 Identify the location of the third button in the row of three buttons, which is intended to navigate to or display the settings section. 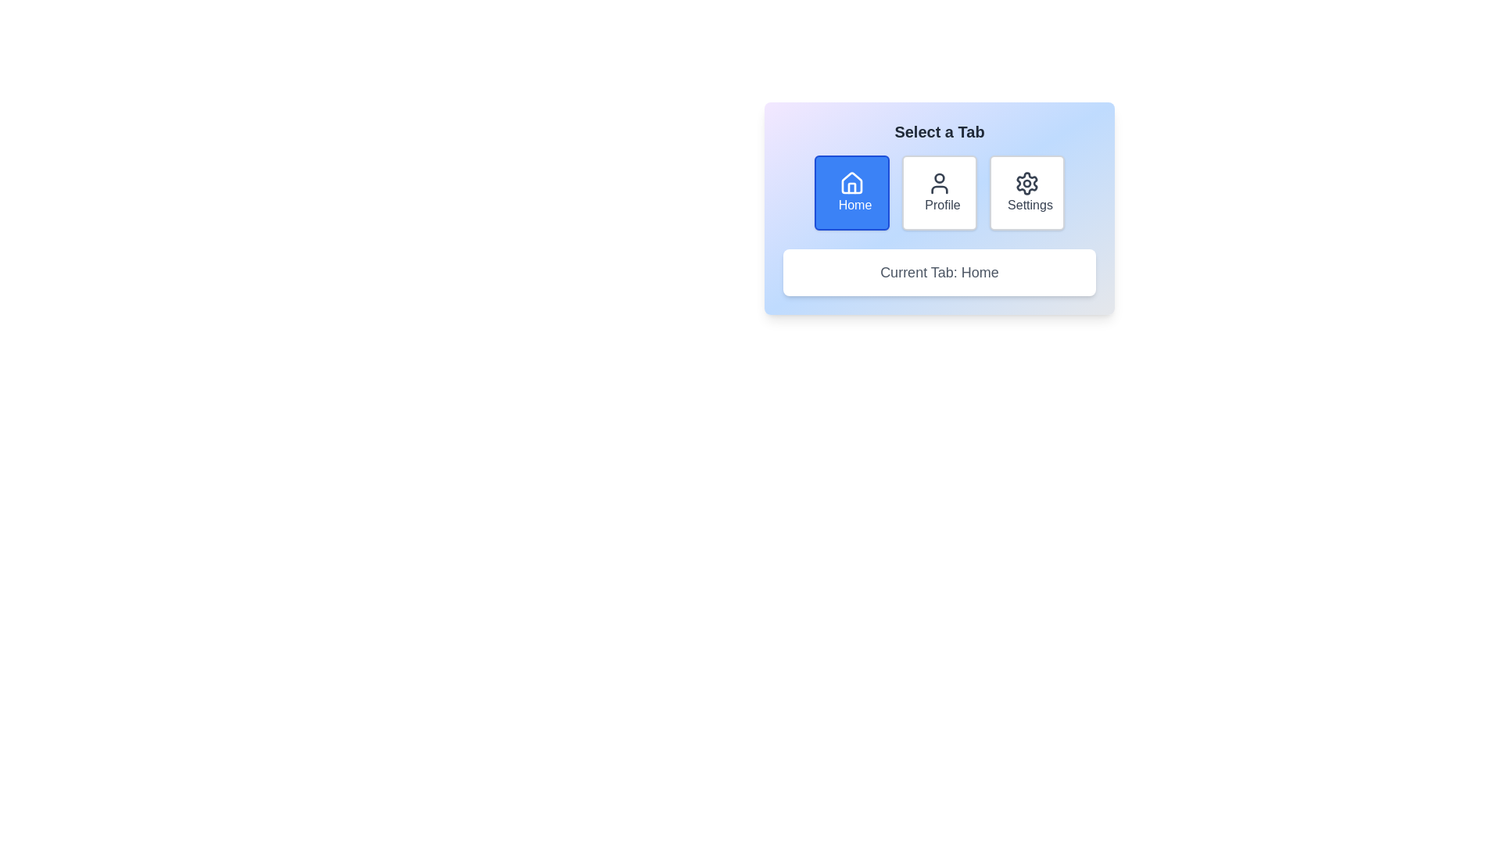
(1027, 191).